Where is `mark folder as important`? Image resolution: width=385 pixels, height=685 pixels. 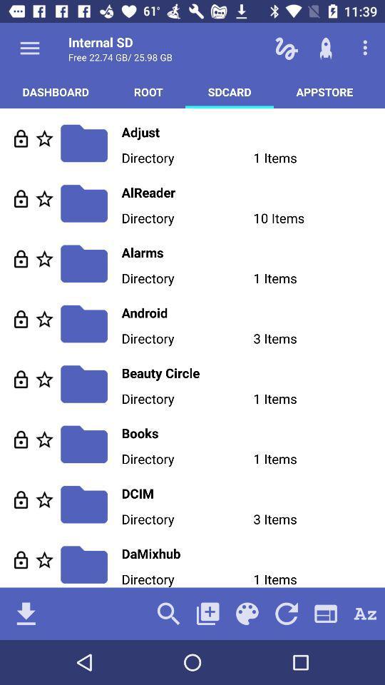 mark folder as important is located at coordinates (44, 439).